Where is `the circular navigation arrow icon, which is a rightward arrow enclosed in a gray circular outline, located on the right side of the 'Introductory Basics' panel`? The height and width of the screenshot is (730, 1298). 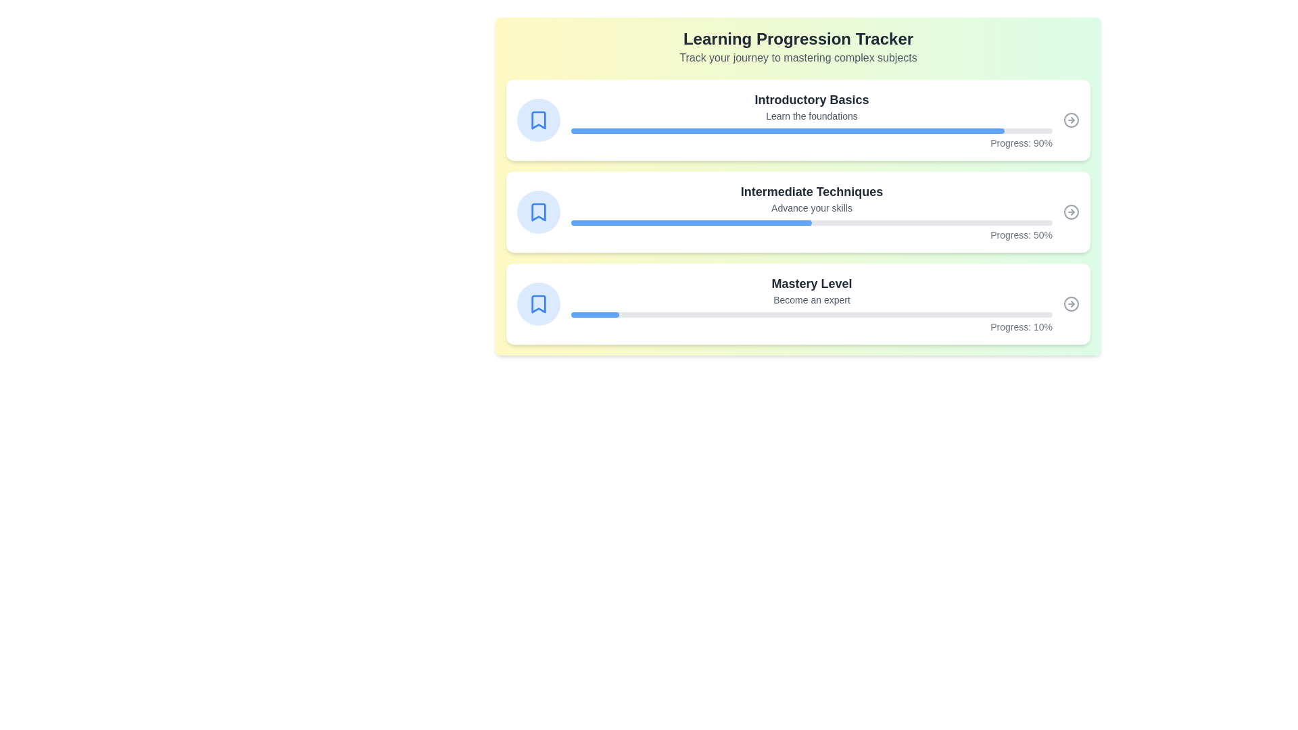 the circular navigation arrow icon, which is a rightward arrow enclosed in a gray circular outline, located on the right side of the 'Introductory Basics' panel is located at coordinates (1070, 119).